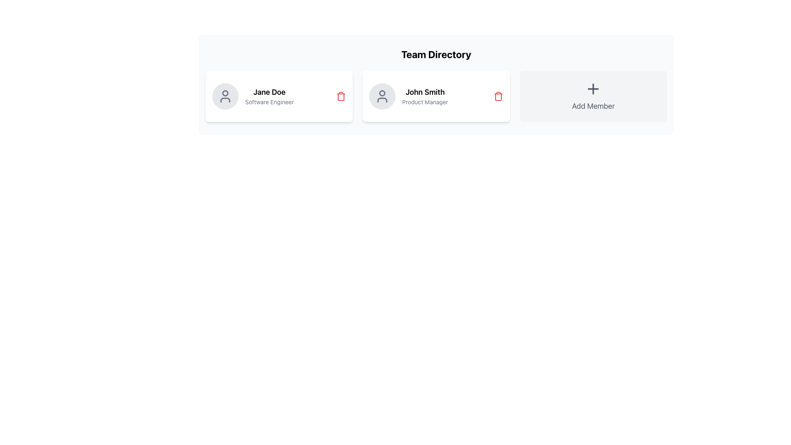  I want to click on the Text Label that serves as the title for the team member directory section, positioned centrally above other elements, so click(436, 54).